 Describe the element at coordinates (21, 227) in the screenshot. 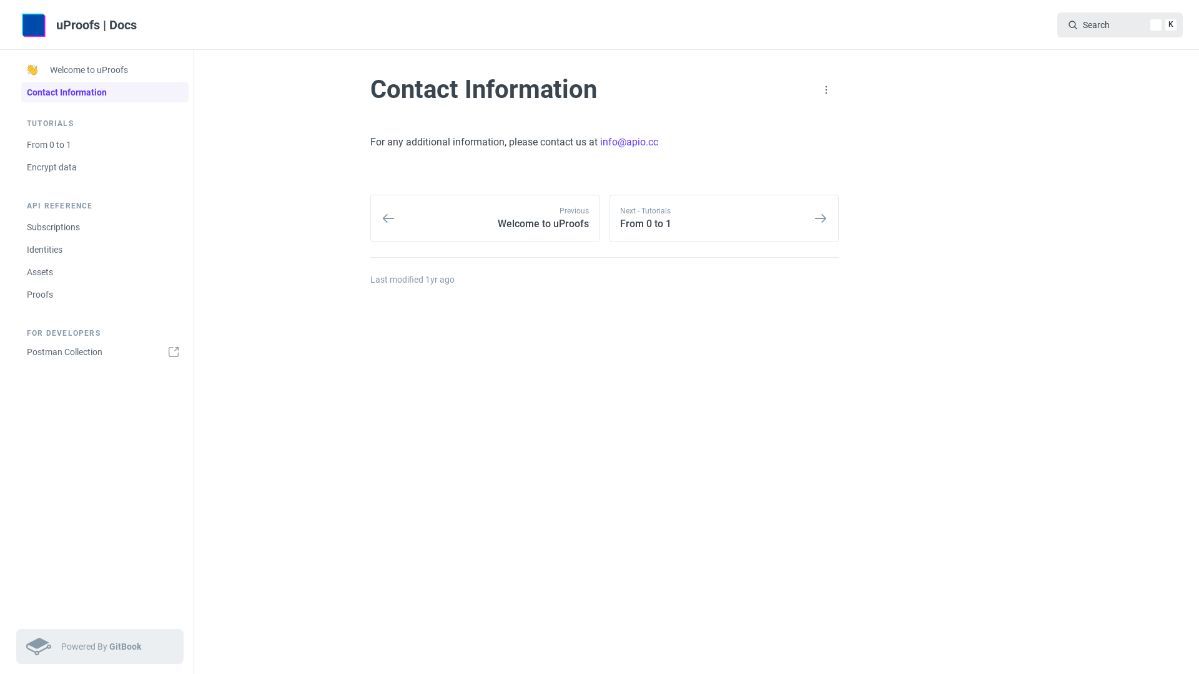

I see `'Subscriptions'` at that location.